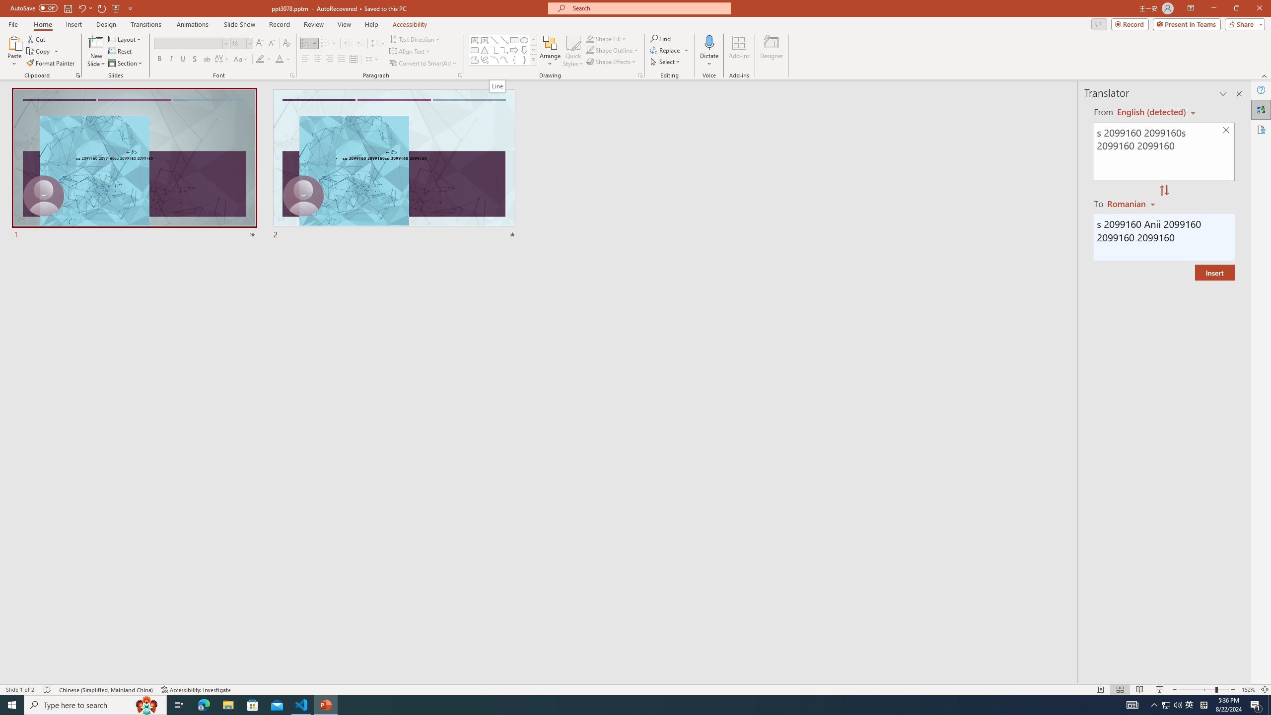  What do you see at coordinates (612, 49) in the screenshot?
I see `'Shape Outline'` at bounding box center [612, 49].